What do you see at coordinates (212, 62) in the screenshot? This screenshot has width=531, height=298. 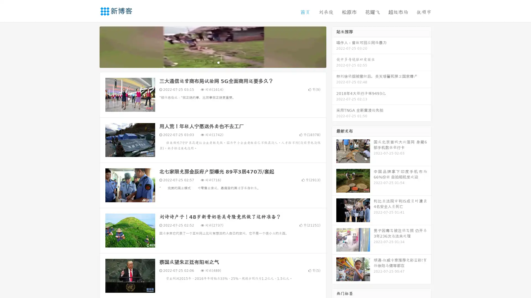 I see `Go to slide 2` at bounding box center [212, 62].